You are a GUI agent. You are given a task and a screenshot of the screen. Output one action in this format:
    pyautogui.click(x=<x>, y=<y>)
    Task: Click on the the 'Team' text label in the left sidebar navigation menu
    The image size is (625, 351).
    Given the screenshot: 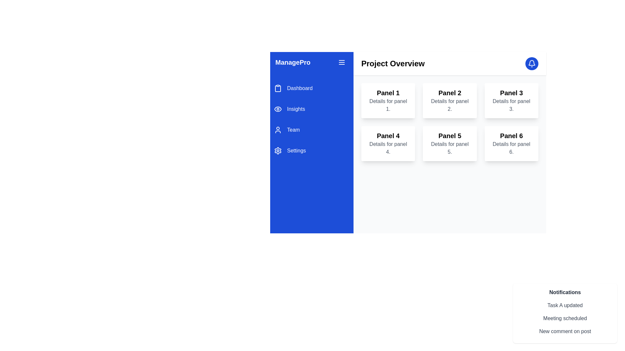 What is the action you would take?
    pyautogui.click(x=293, y=130)
    